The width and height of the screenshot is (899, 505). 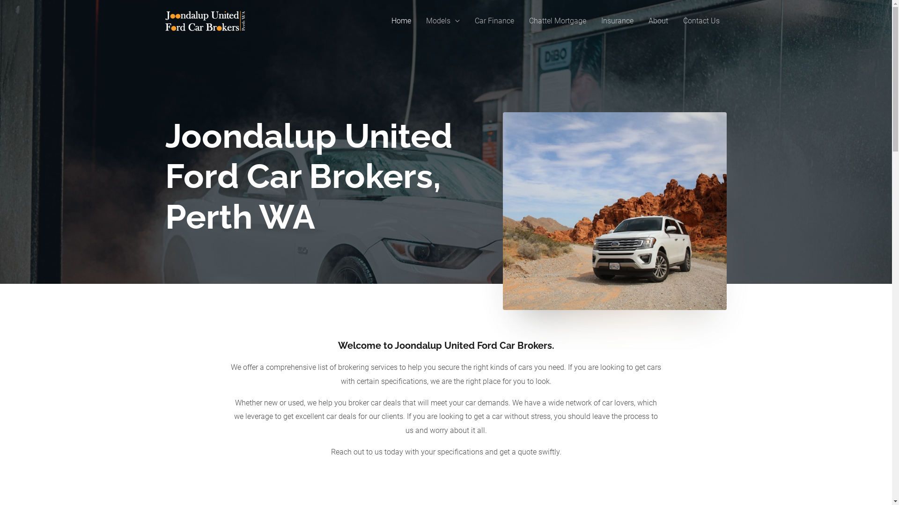 What do you see at coordinates (701, 21) in the screenshot?
I see `'Contact Us'` at bounding box center [701, 21].